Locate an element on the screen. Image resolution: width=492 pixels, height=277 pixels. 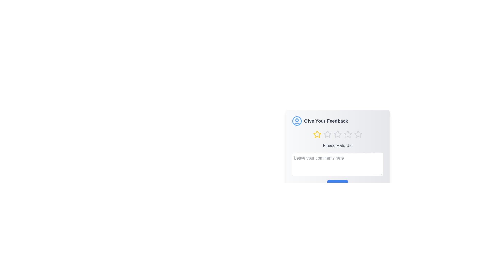
the second star-shaped icon with a gray outline in the rating section is located at coordinates (337, 134).